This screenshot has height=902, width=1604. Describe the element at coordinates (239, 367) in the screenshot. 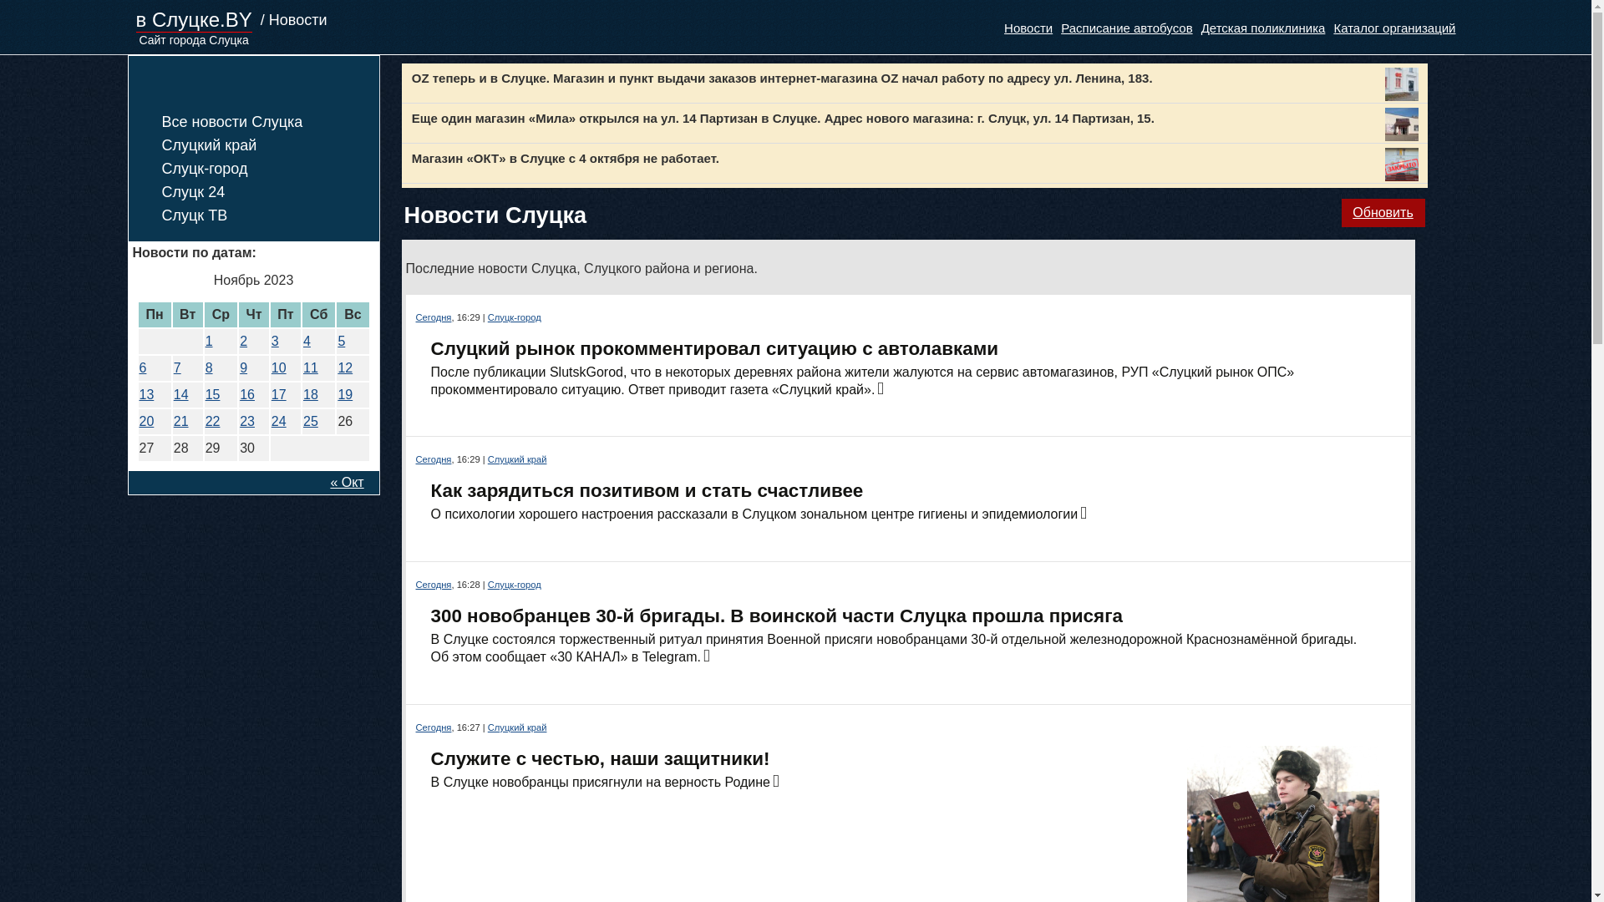

I see `'9'` at that location.